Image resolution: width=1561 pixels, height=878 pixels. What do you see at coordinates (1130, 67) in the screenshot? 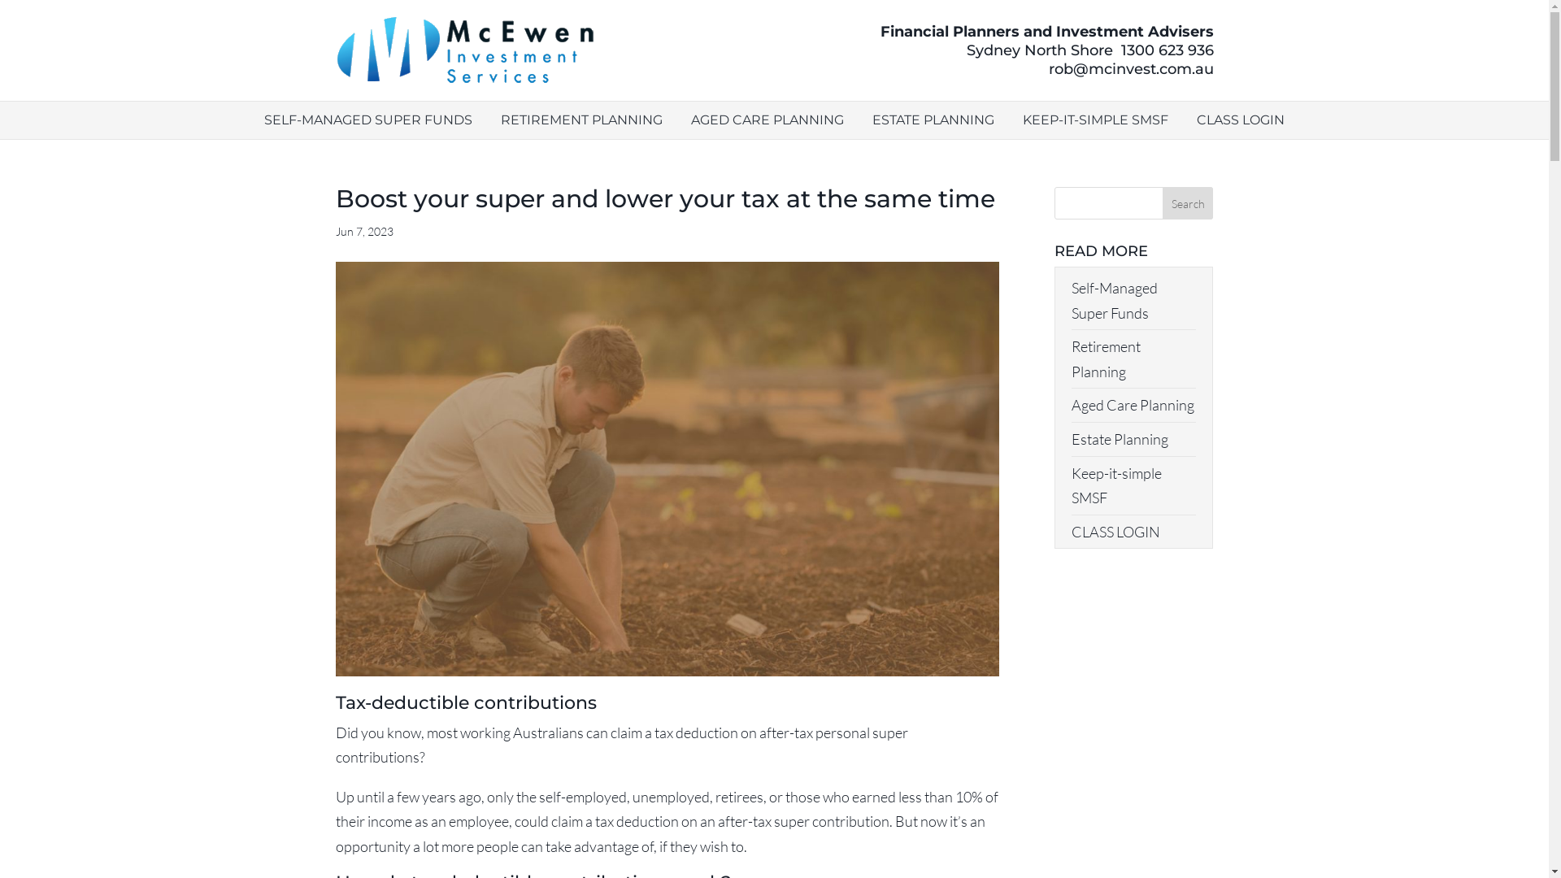
I see `'rob@mcinvest.com.au'` at bounding box center [1130, 67].